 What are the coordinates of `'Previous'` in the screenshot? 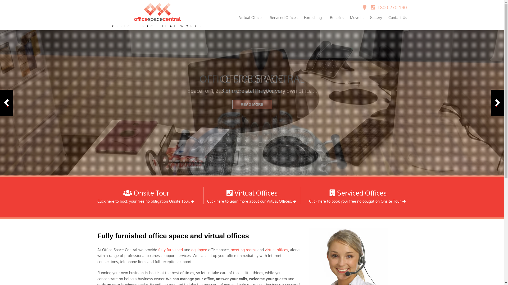 It's located at (6, 103).